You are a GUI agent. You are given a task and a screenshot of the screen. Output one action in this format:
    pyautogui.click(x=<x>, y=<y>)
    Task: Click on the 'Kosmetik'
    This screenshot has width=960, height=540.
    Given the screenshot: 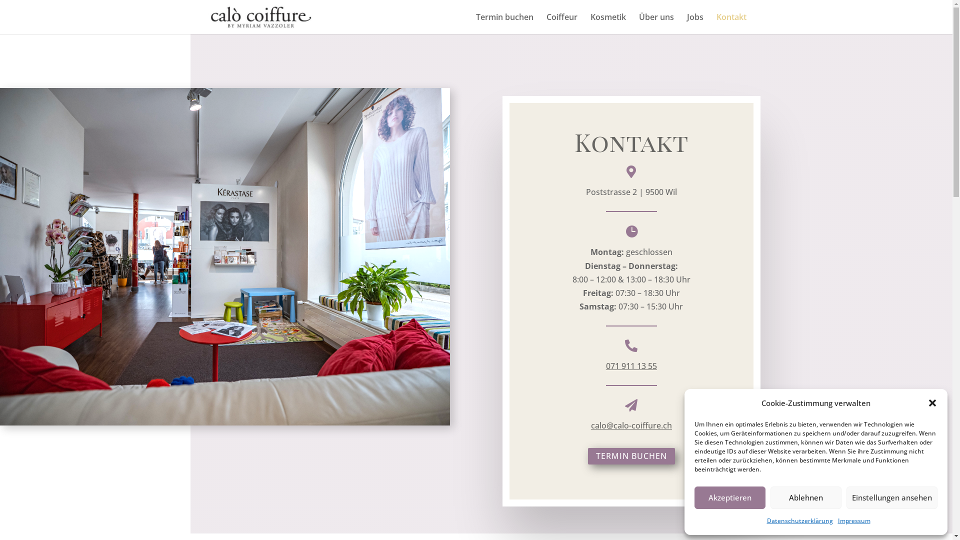 What is the action you would take?
    pyautogui.click(x=607, y=23)
    